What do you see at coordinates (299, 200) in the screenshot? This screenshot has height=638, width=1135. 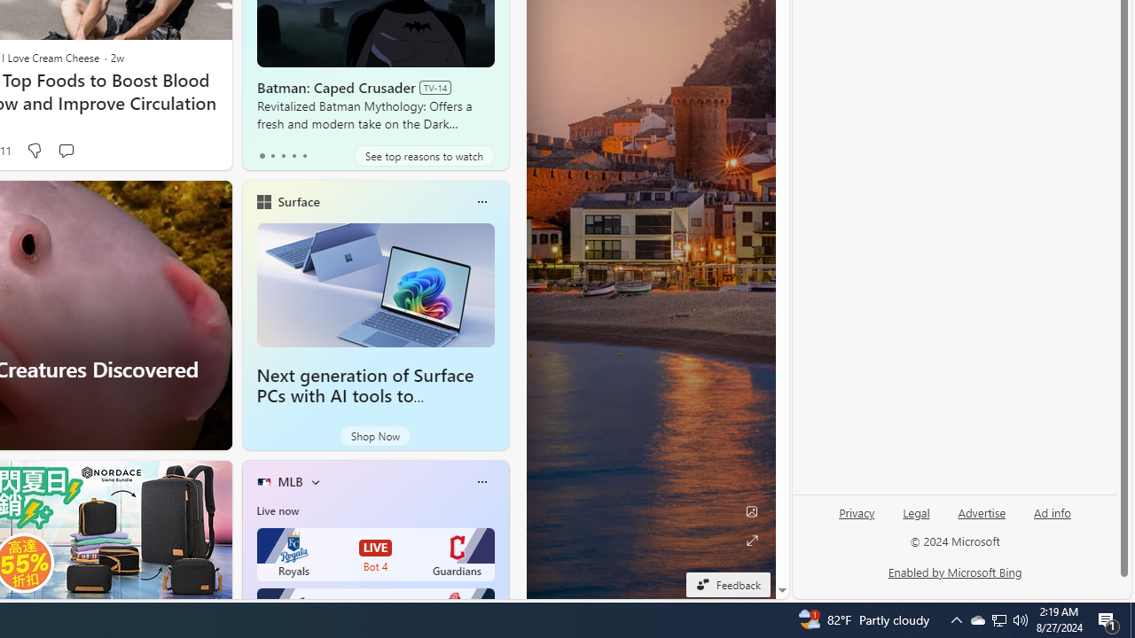 I see `'Surface'` at bounding box center [299, 200].